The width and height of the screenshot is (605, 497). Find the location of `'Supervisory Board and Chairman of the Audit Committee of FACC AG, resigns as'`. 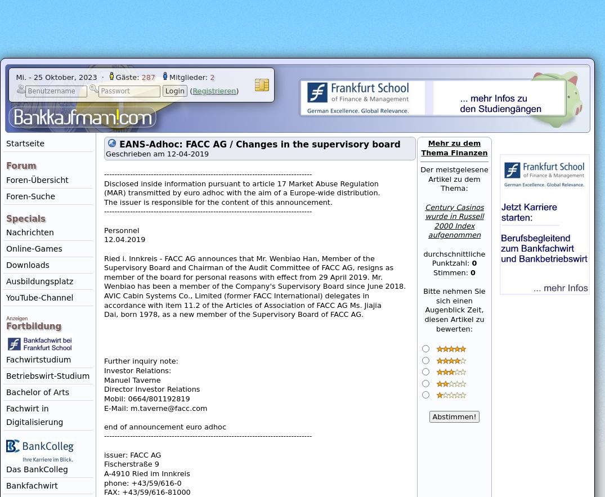

'Supervisory Board and Chairman of the Audit Committee of FACC AG, resigns as' is located at coordinates (249, 267).